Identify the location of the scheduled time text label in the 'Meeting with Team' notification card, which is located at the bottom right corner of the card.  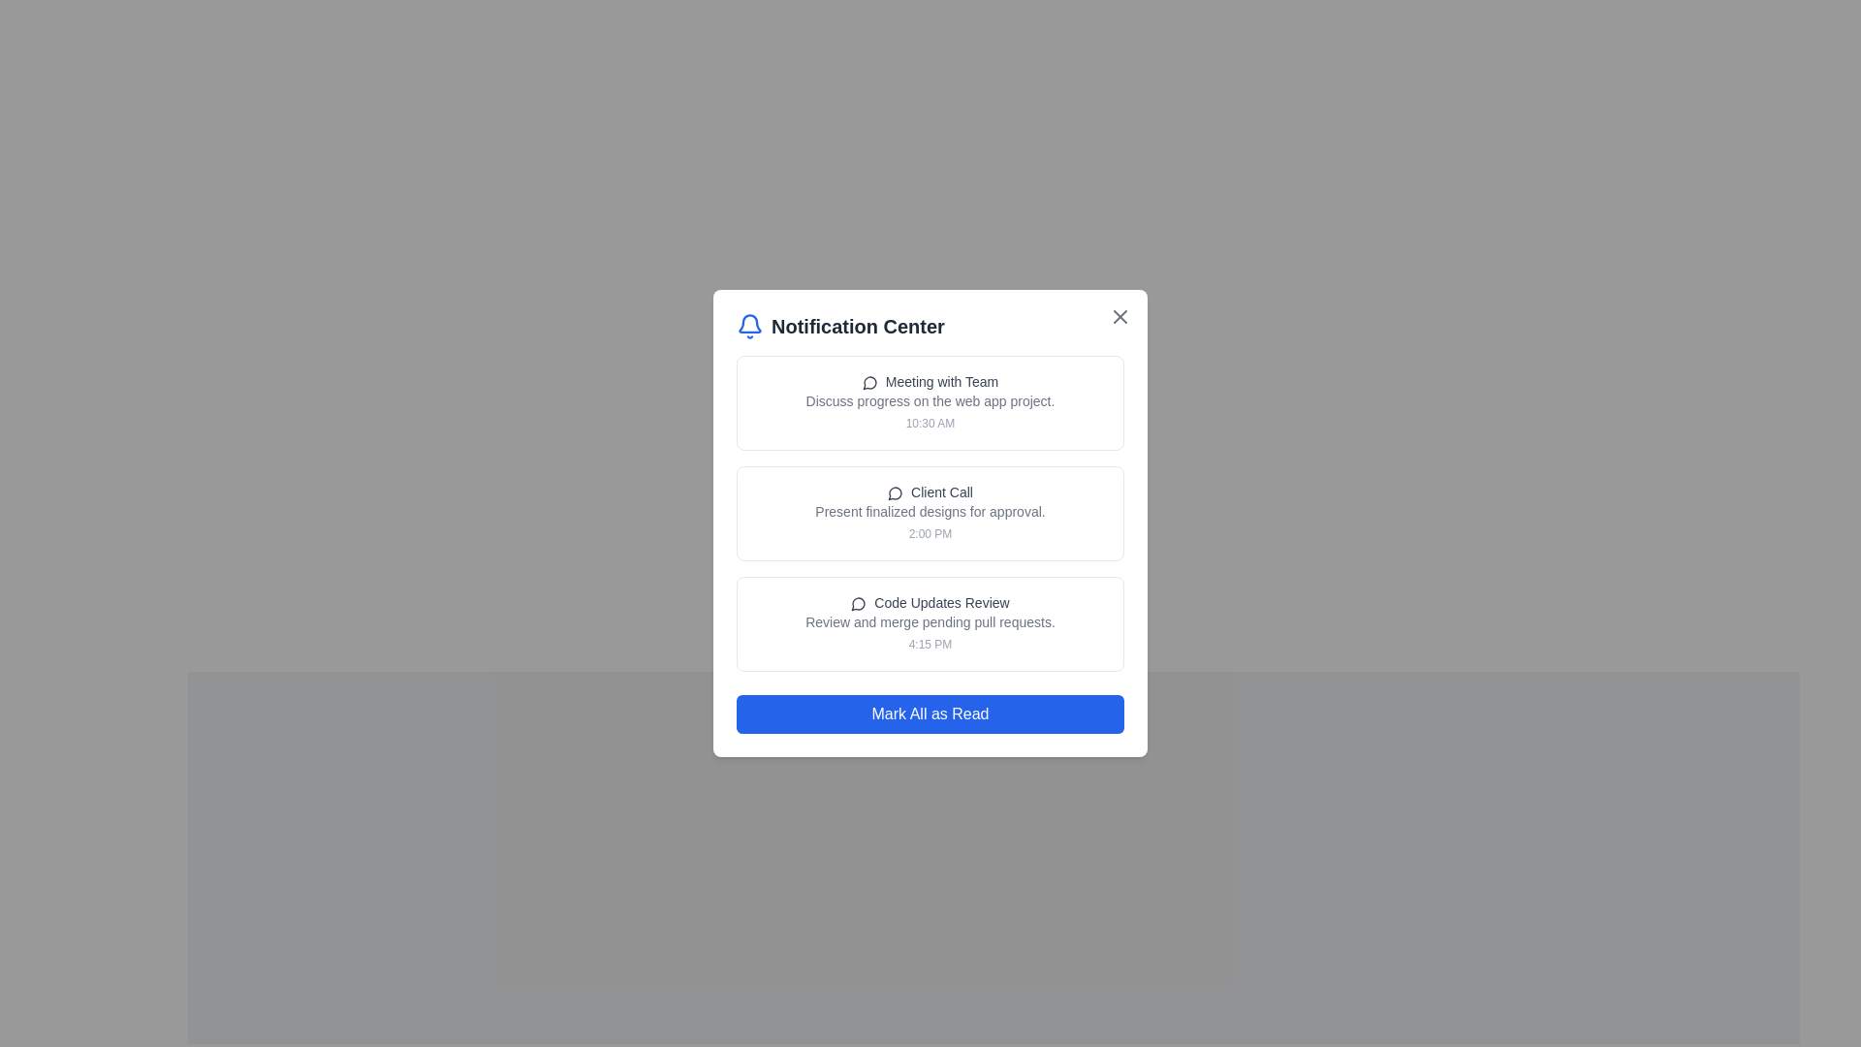
(930, 422).